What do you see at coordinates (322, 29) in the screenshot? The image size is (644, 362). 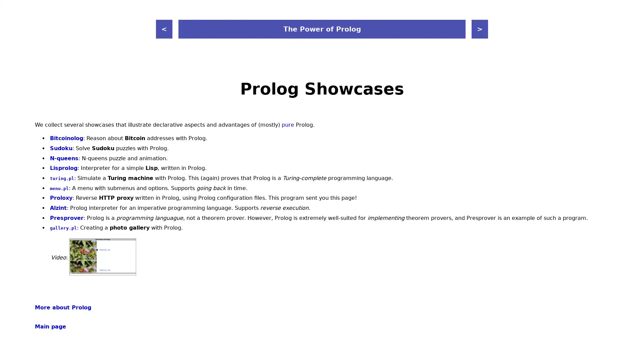 I see `The Power of Prolog` at bounding box center [322, 29].